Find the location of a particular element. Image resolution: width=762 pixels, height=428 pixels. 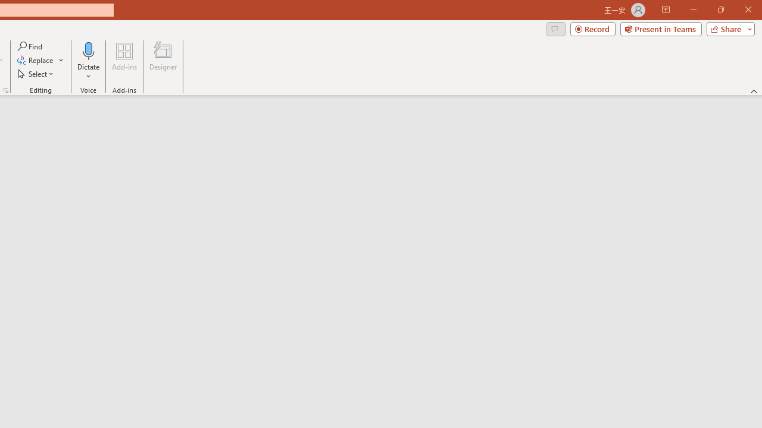

'Find...' is located at coordinates (30, 46).